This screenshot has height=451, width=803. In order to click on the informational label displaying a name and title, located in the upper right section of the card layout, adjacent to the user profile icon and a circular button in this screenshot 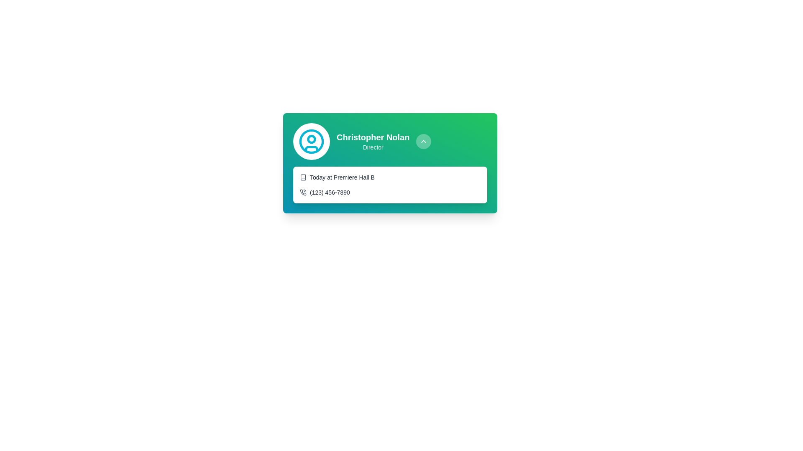, I will do `click(373, 141)`.